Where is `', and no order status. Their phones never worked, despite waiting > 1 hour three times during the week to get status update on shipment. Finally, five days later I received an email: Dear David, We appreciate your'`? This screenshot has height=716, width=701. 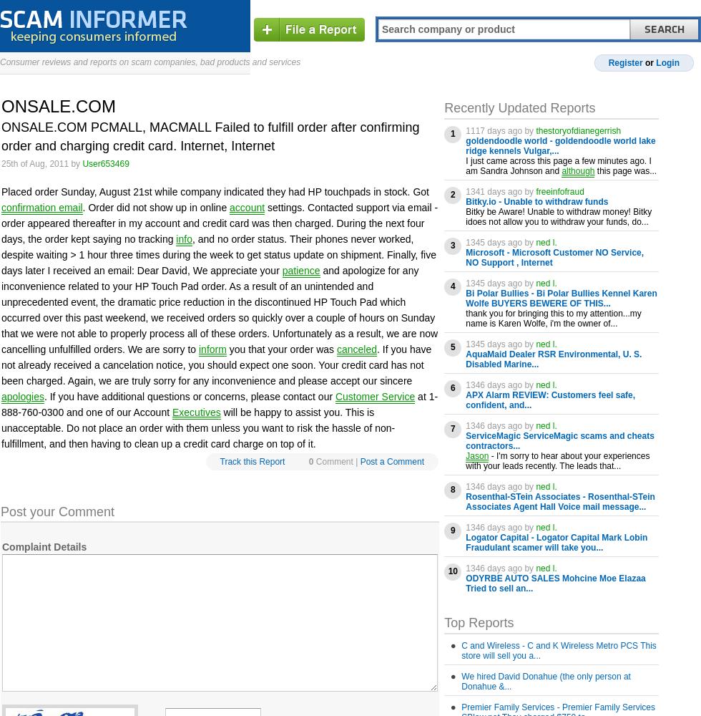 ', and no order status. Their phones never worked, despite waiting > 1 hour three times during the week to get status update on shipment. Finally, five days later I received an email: Dear David, We appreciate your' is located at coordinates (218, 254).